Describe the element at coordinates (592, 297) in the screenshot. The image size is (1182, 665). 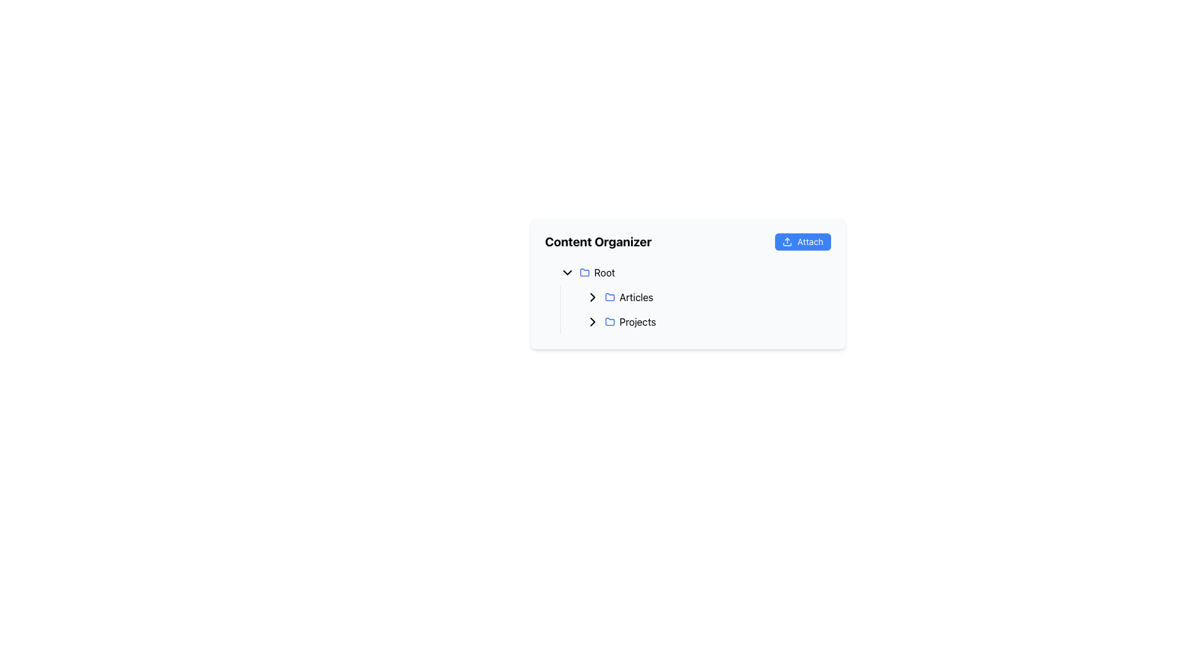
I see `the icon located to the left of the folder icon and the text 'Articles'` at that location.